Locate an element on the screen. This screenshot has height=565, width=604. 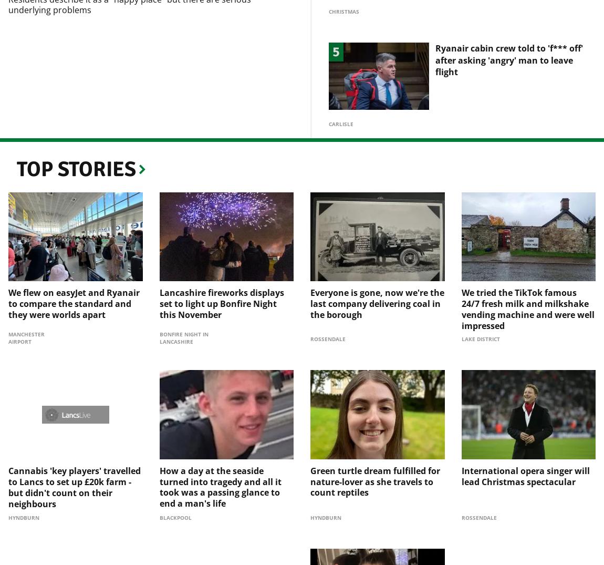
'Lancashire fireworks displays set to light up Bonfire Night this November' is located at coordinates (221, 286).